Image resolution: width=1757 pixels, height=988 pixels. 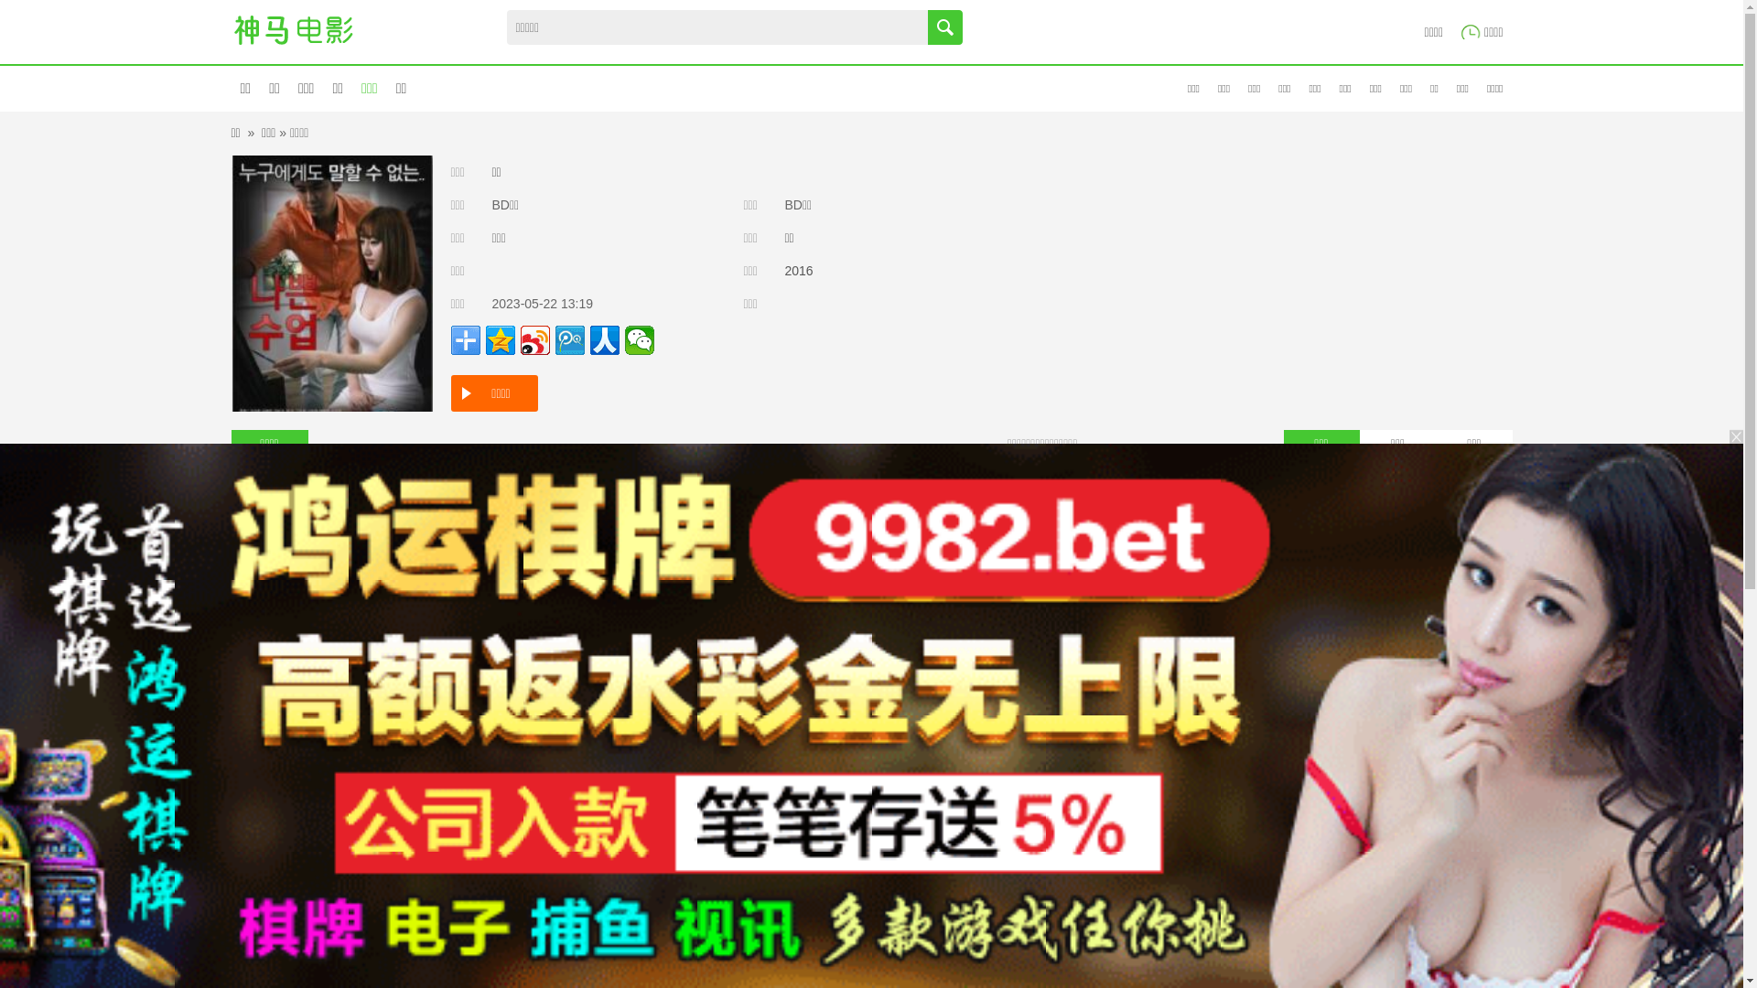 I want to click on '2016', so click(x=785, y=271).